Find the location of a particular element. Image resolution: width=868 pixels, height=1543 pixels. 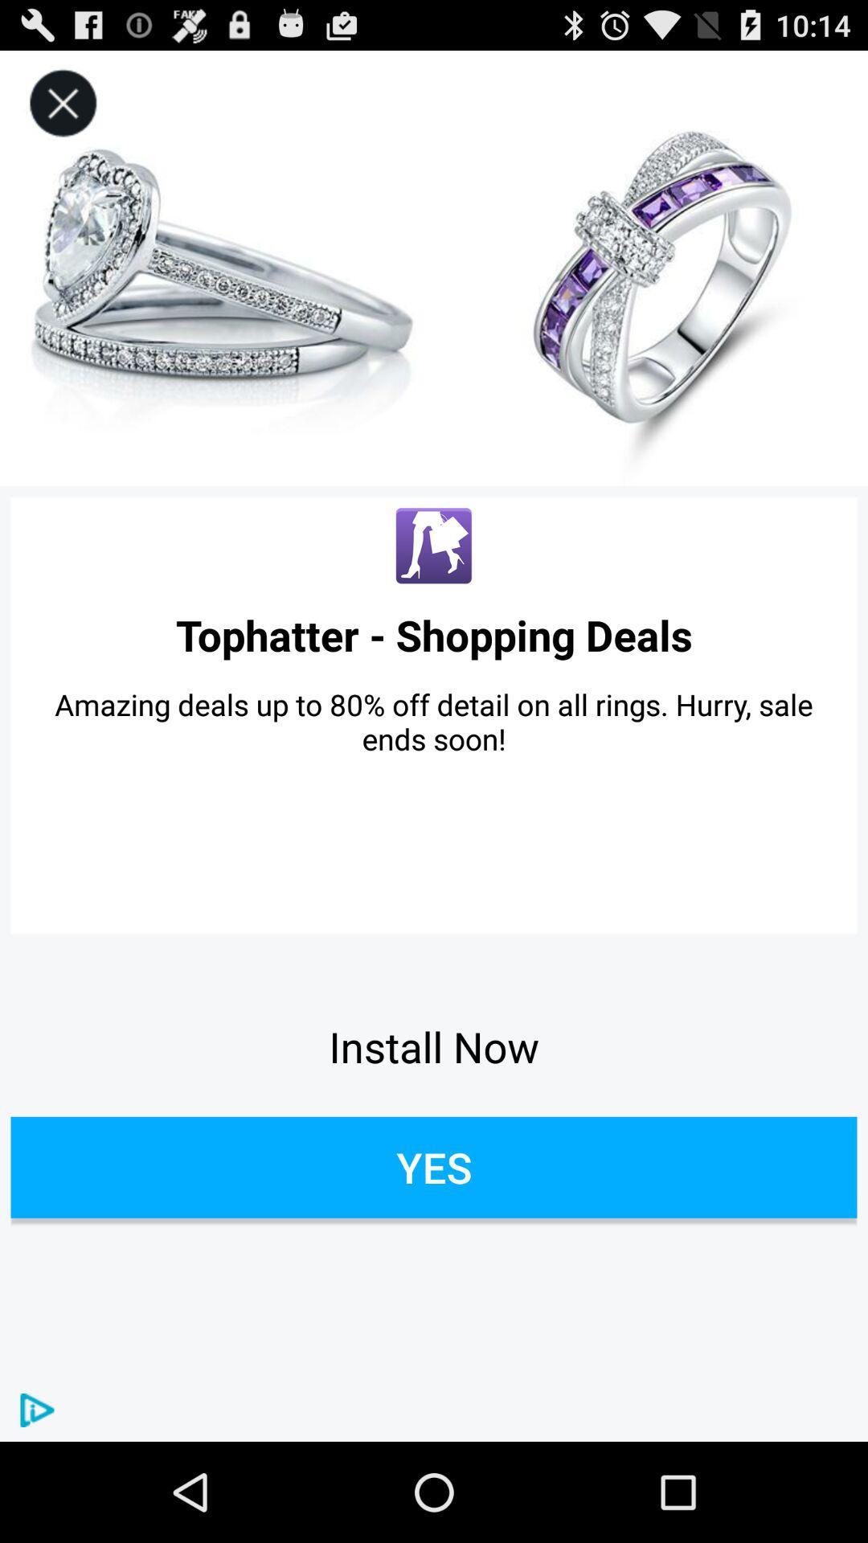

the yes icon is located at coordinates (434, 1167).